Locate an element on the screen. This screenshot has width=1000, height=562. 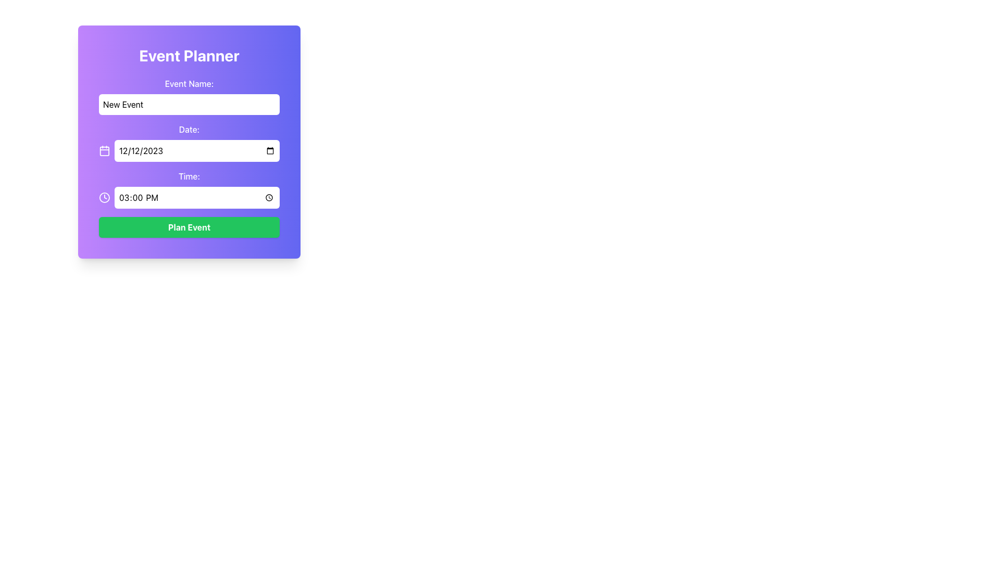
the rounded rectangle area representing the background of the calendar icon in the date input field, located to the leftmost side of the 'Date' input label is located at coordinates (104, 151).